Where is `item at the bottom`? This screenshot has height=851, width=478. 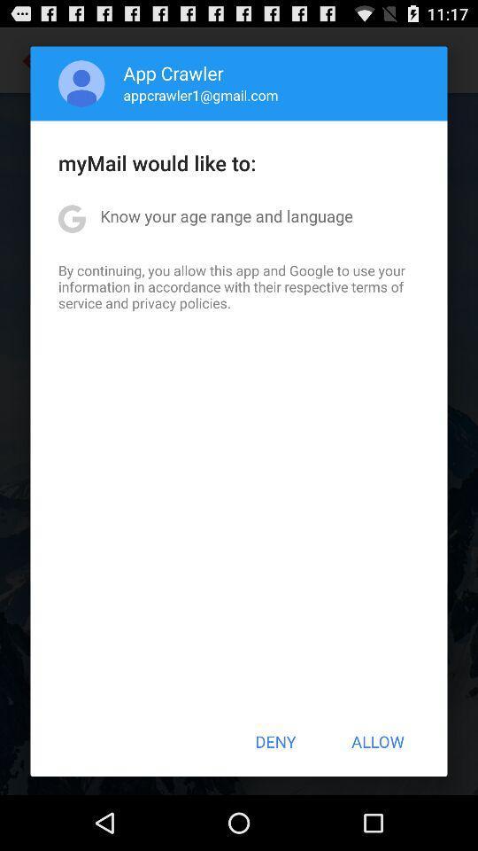
item at the bottom is located at coordinates (275, 741).